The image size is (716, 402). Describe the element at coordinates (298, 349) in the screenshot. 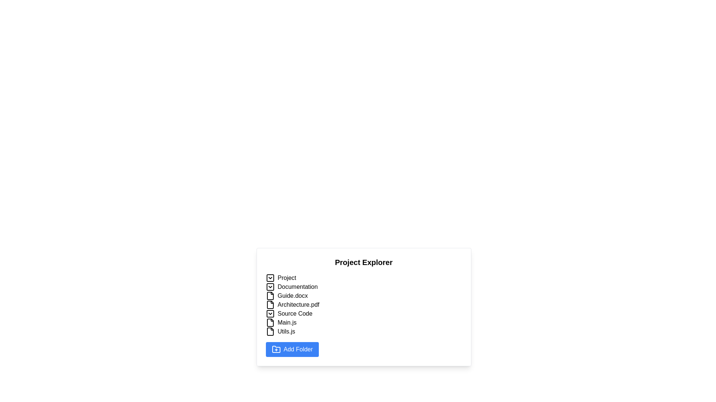

I see `the button labeled 'Add Folder' which contains the text label 'Add Folder'` at that location.